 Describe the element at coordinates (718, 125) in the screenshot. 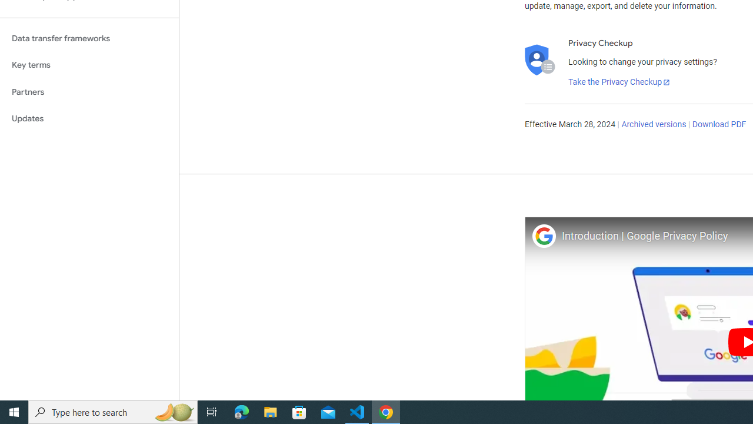

I see `'Download PDF'` at that location.